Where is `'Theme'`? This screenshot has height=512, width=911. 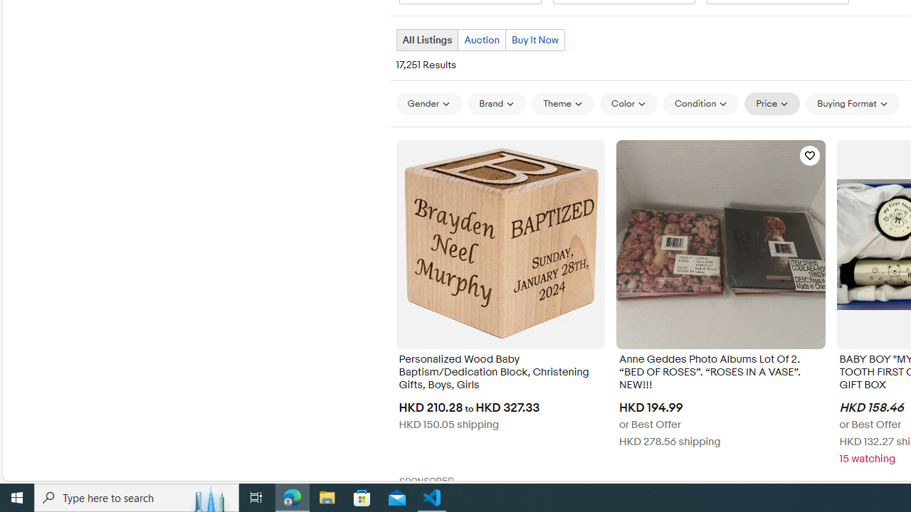 'Theme' is located at coordinates (562, 103).